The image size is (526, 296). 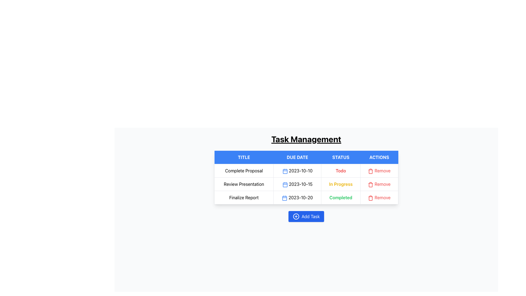 What do you see at coordinates (296, 216) in the screenshot?
I see `the appearance of the SVG circle that is part of the 'Add Task' button icon, which visually indicates the action of adding a new task` at bounding box center [296, 216].